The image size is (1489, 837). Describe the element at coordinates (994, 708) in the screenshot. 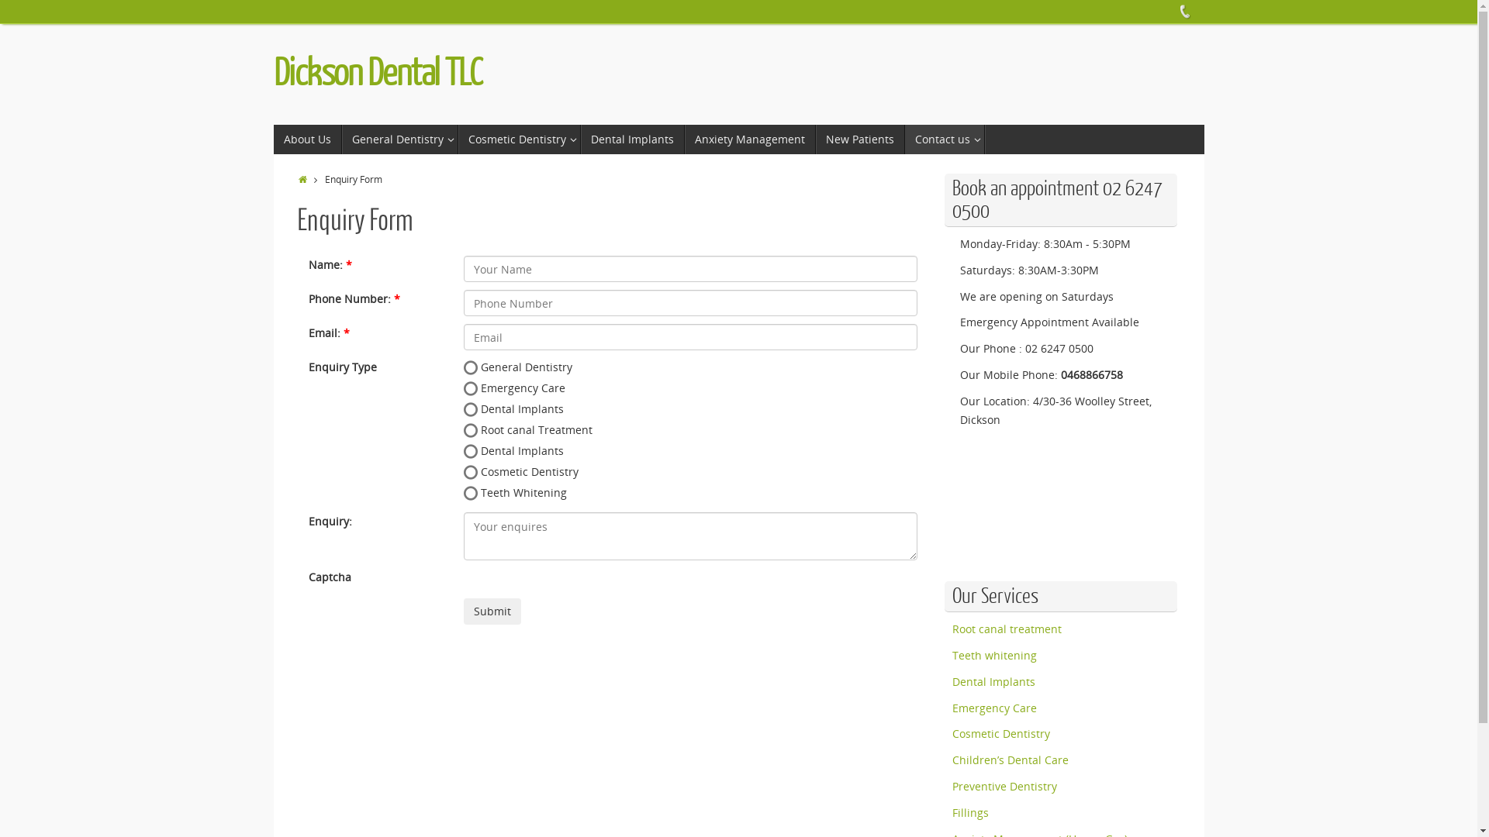

I see `'Emergency Care'` at that location.